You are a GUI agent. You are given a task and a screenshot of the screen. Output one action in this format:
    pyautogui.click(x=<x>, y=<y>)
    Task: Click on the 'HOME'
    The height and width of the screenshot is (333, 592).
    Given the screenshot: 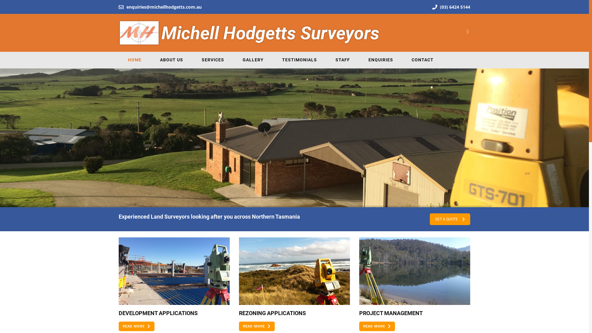 What is the action you would take?
    pyautogui.click(x=118, y=60)
    